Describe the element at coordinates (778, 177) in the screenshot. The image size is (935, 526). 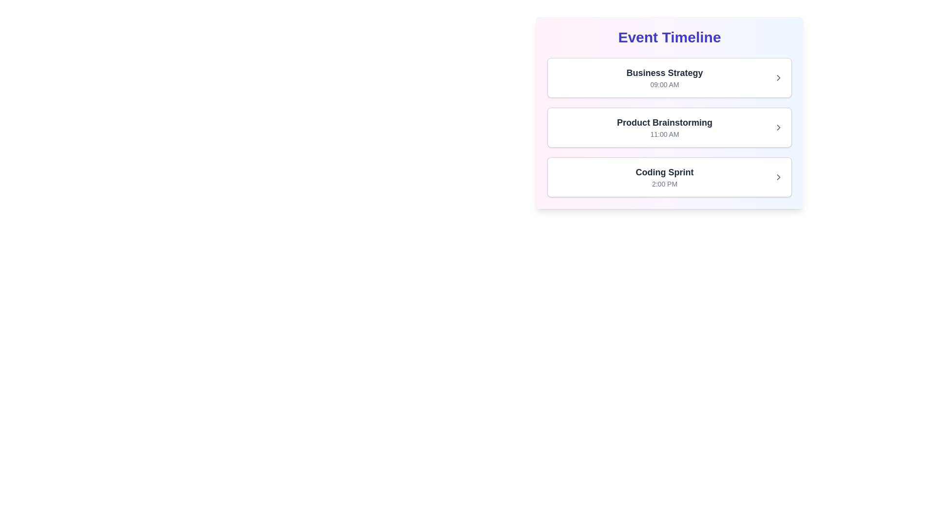
I see `the navigational chevron icon located at the far right edge of the bottom 'Coding Sprint' event block in the 'Event Timeline' section` at that location.